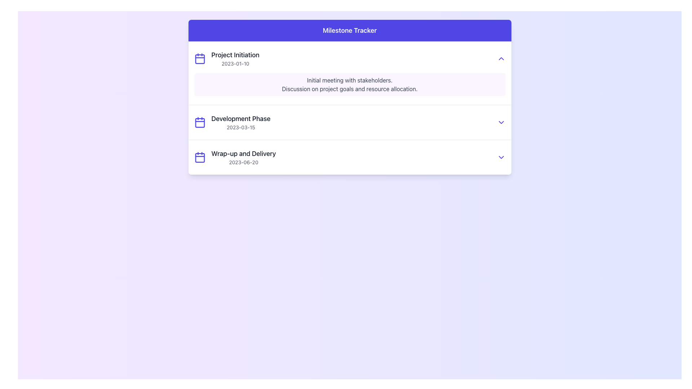  I want to click on the calendar icon located in the first row of milestones, positioned to the left of the text 'Project Initiation' and aligned with the date '2023-01-10', so click(200, 58).